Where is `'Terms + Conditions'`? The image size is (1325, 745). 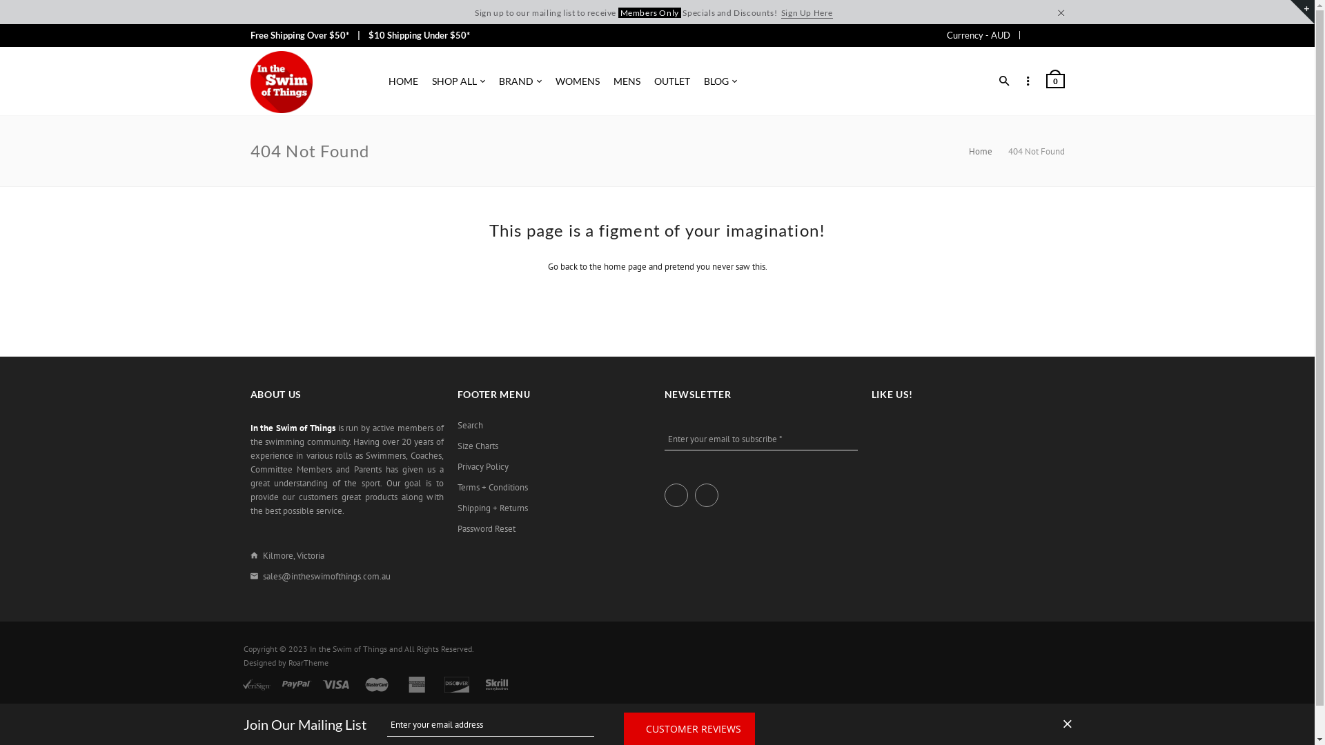
'Terms + Conditions' is located at coordinates (492, 486).